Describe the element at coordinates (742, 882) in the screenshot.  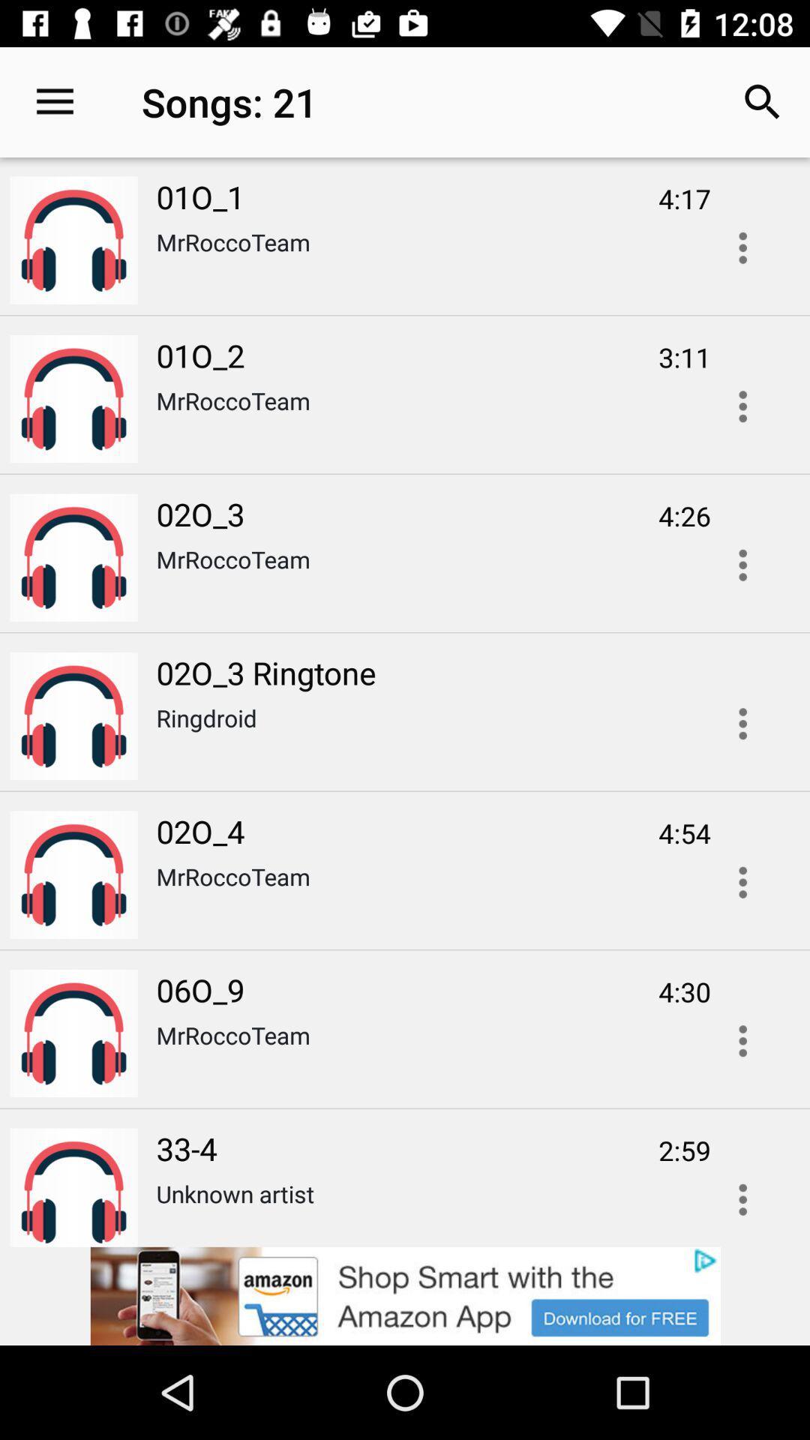
I see `click for more information` at that location.